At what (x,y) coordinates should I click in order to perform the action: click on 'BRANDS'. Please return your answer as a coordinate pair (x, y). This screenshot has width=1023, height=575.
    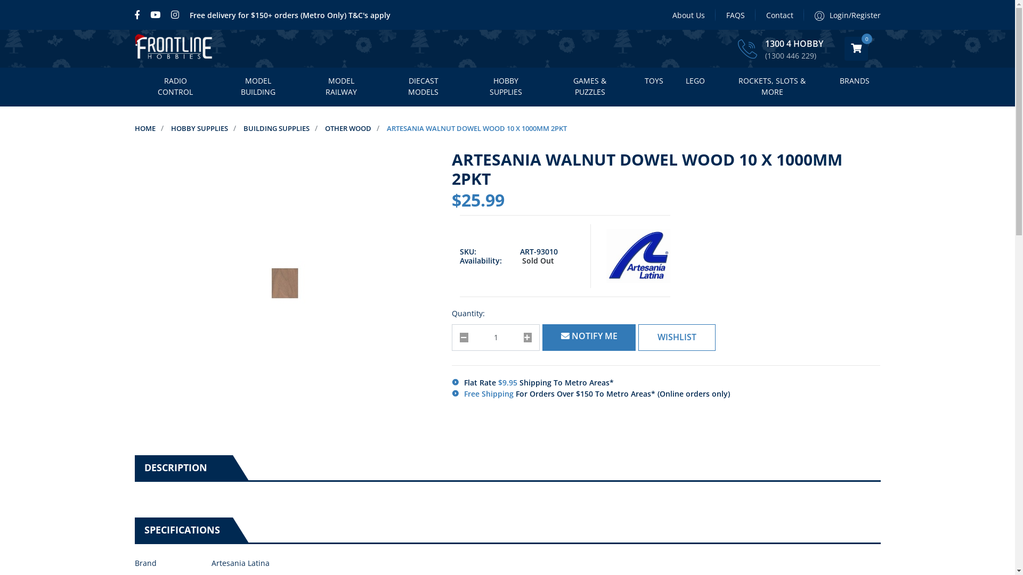
    Looking at the image, I should click on (854, 81).